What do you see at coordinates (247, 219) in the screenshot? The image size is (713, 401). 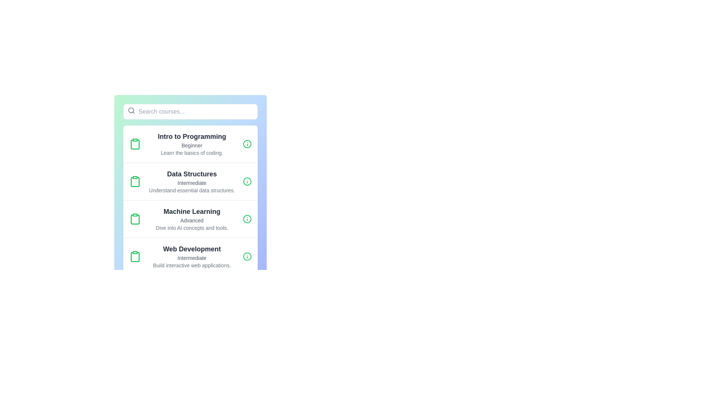 I see `the status or icon content of the circular green icon located in the right section of the list item titled 'Machine Learning'` at bounding box center [247, 219].